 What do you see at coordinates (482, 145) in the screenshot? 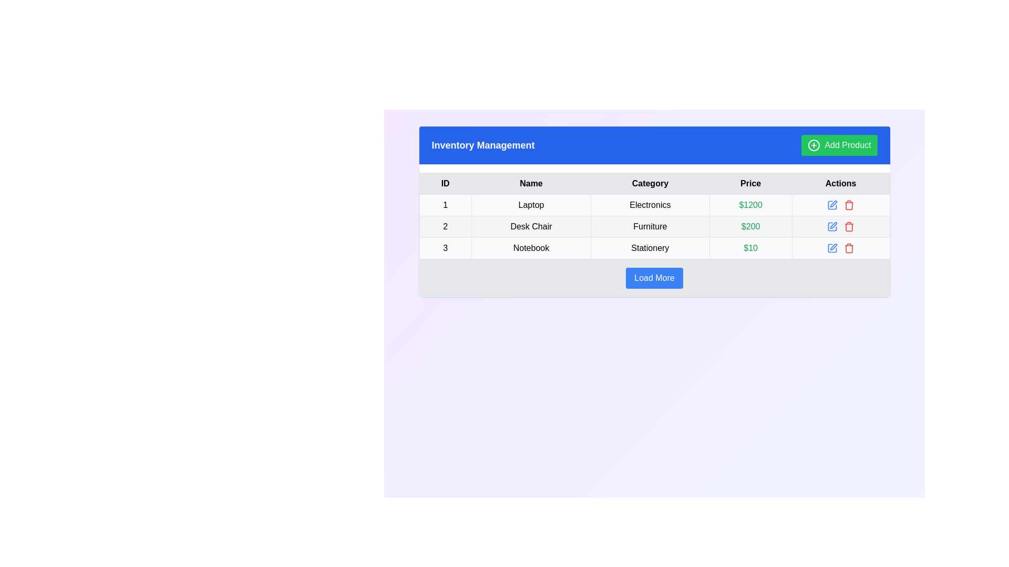
I see `the bold text label 'Inventory Management' located on the left side of the header bar with a blue background` at bounding box center [482, 145].